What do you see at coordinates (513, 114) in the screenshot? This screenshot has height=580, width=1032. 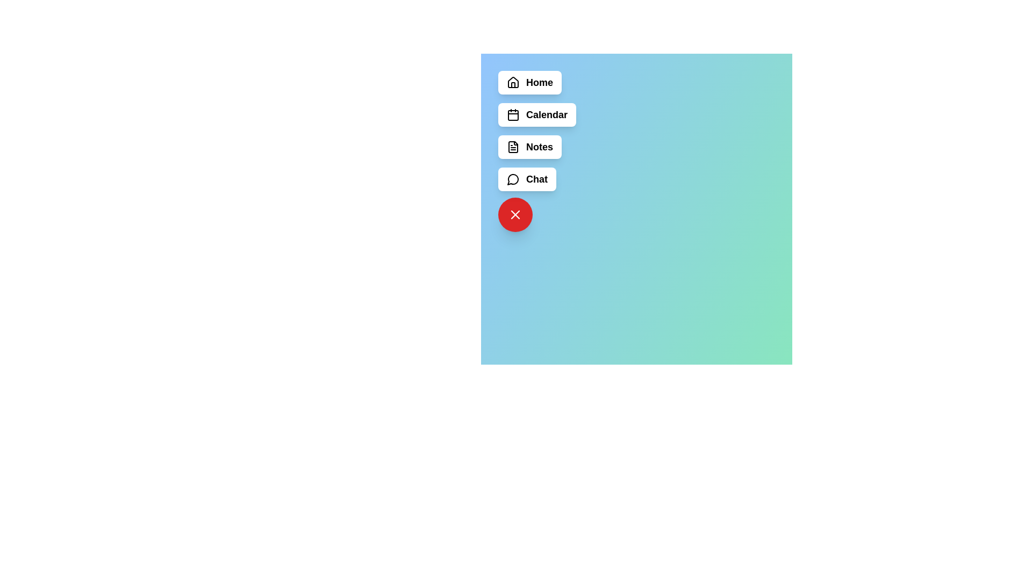 I see `the icon of the menu item labeled Calendar` at bounding box center [513, 114].